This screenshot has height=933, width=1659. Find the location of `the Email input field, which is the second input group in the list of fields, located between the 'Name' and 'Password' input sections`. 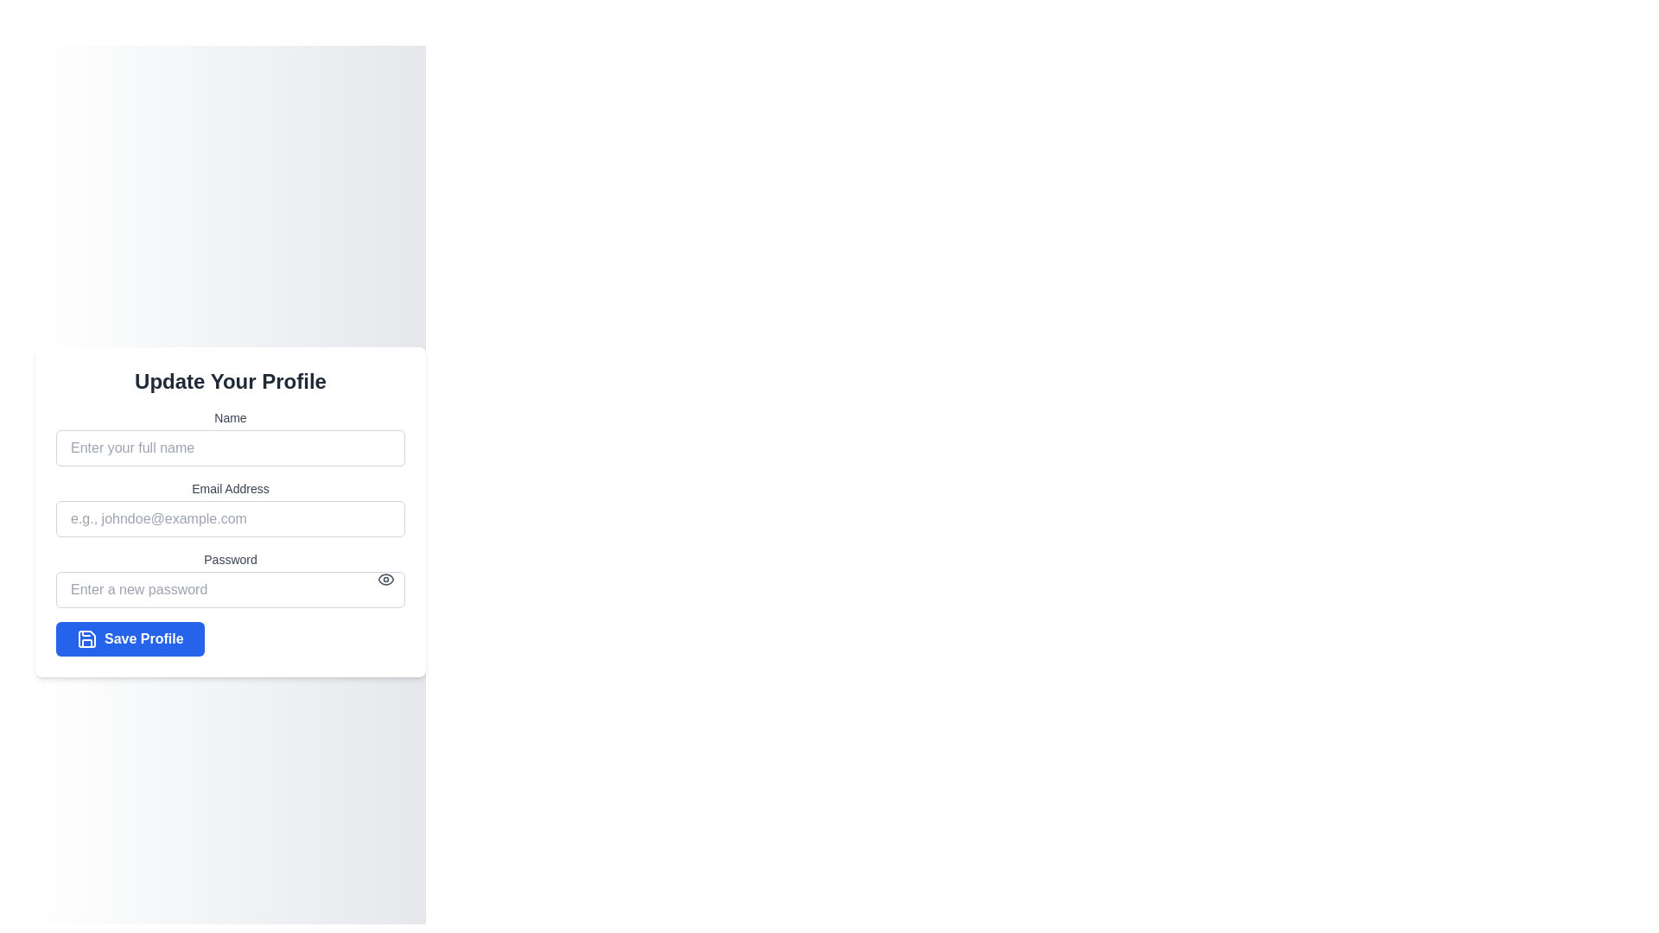

the Email input field, which is the second input group in the list of fields, located between the 'Name' and 'Password' input sections is located at coordinates (230, 508).